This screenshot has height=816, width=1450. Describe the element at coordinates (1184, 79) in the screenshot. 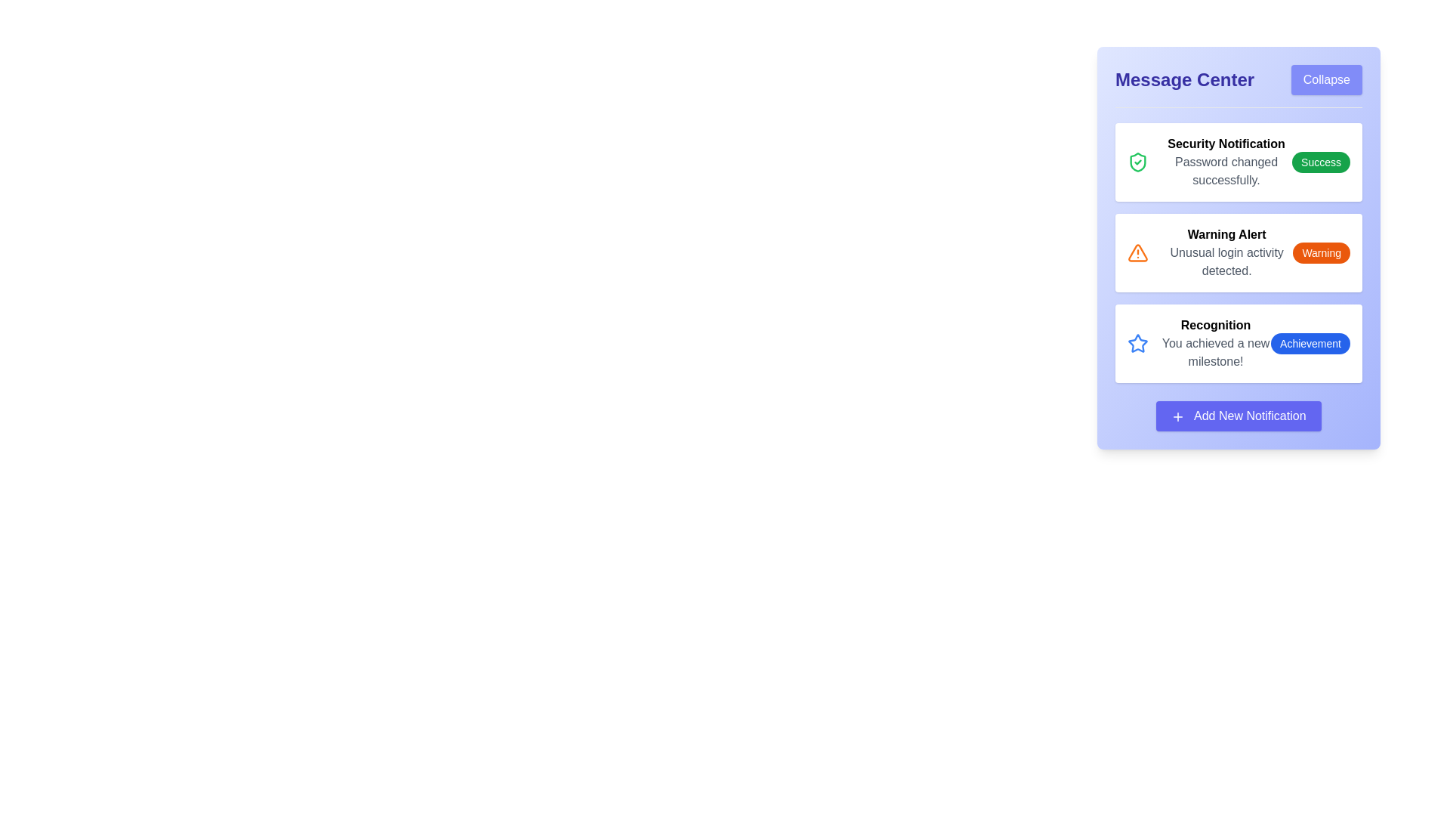

I see `the 'Message Center' text label, which is prominently displayed in bold indigo font at the top-left corner of the notification panel` at that location.